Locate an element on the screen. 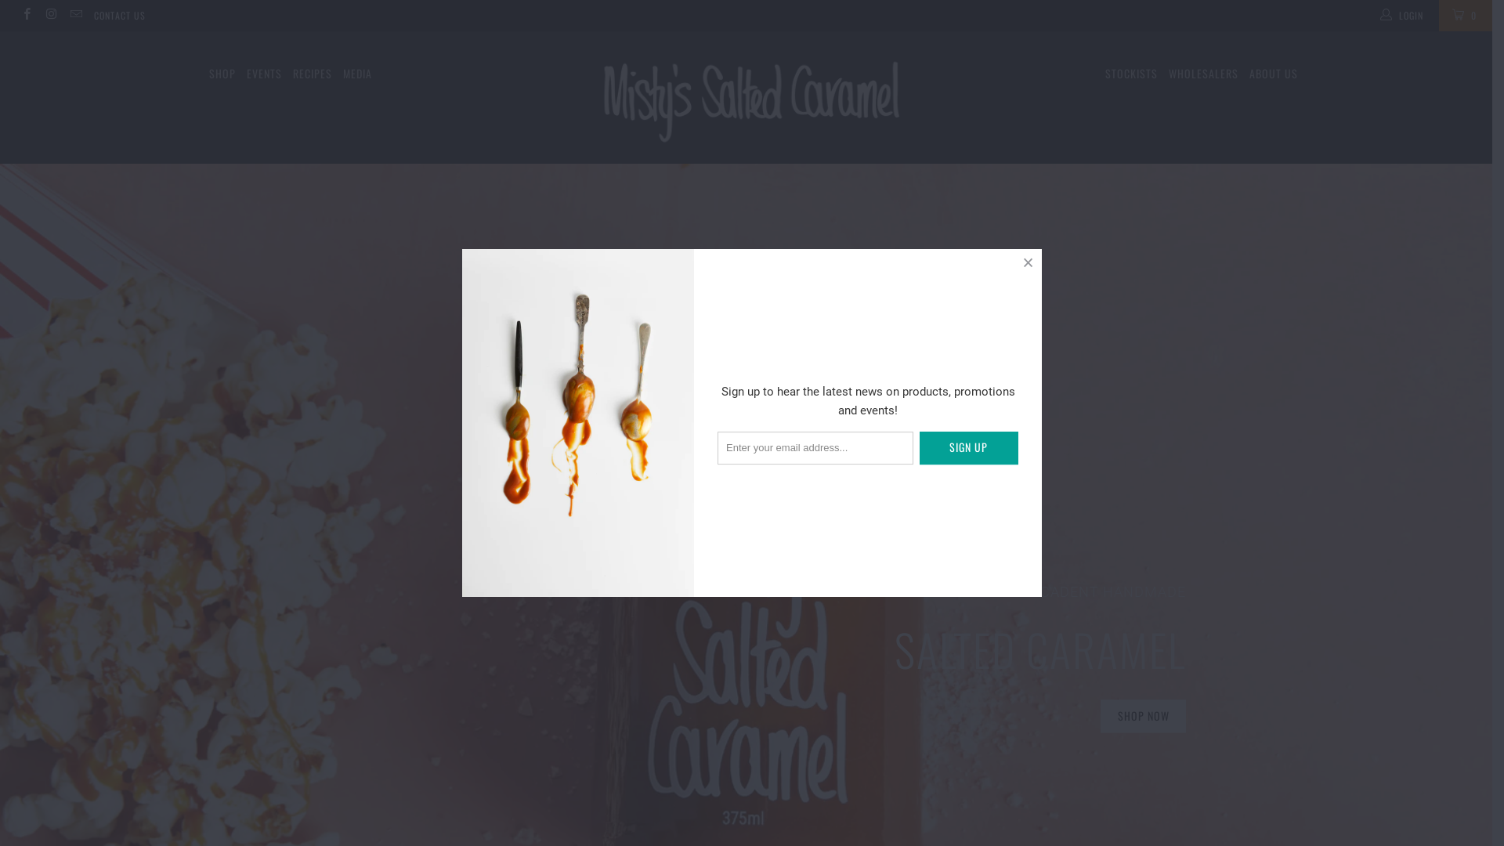 This screenshot has height=846, width=1504. 'STOCKISTS' is located at coordinates (1104, 74).